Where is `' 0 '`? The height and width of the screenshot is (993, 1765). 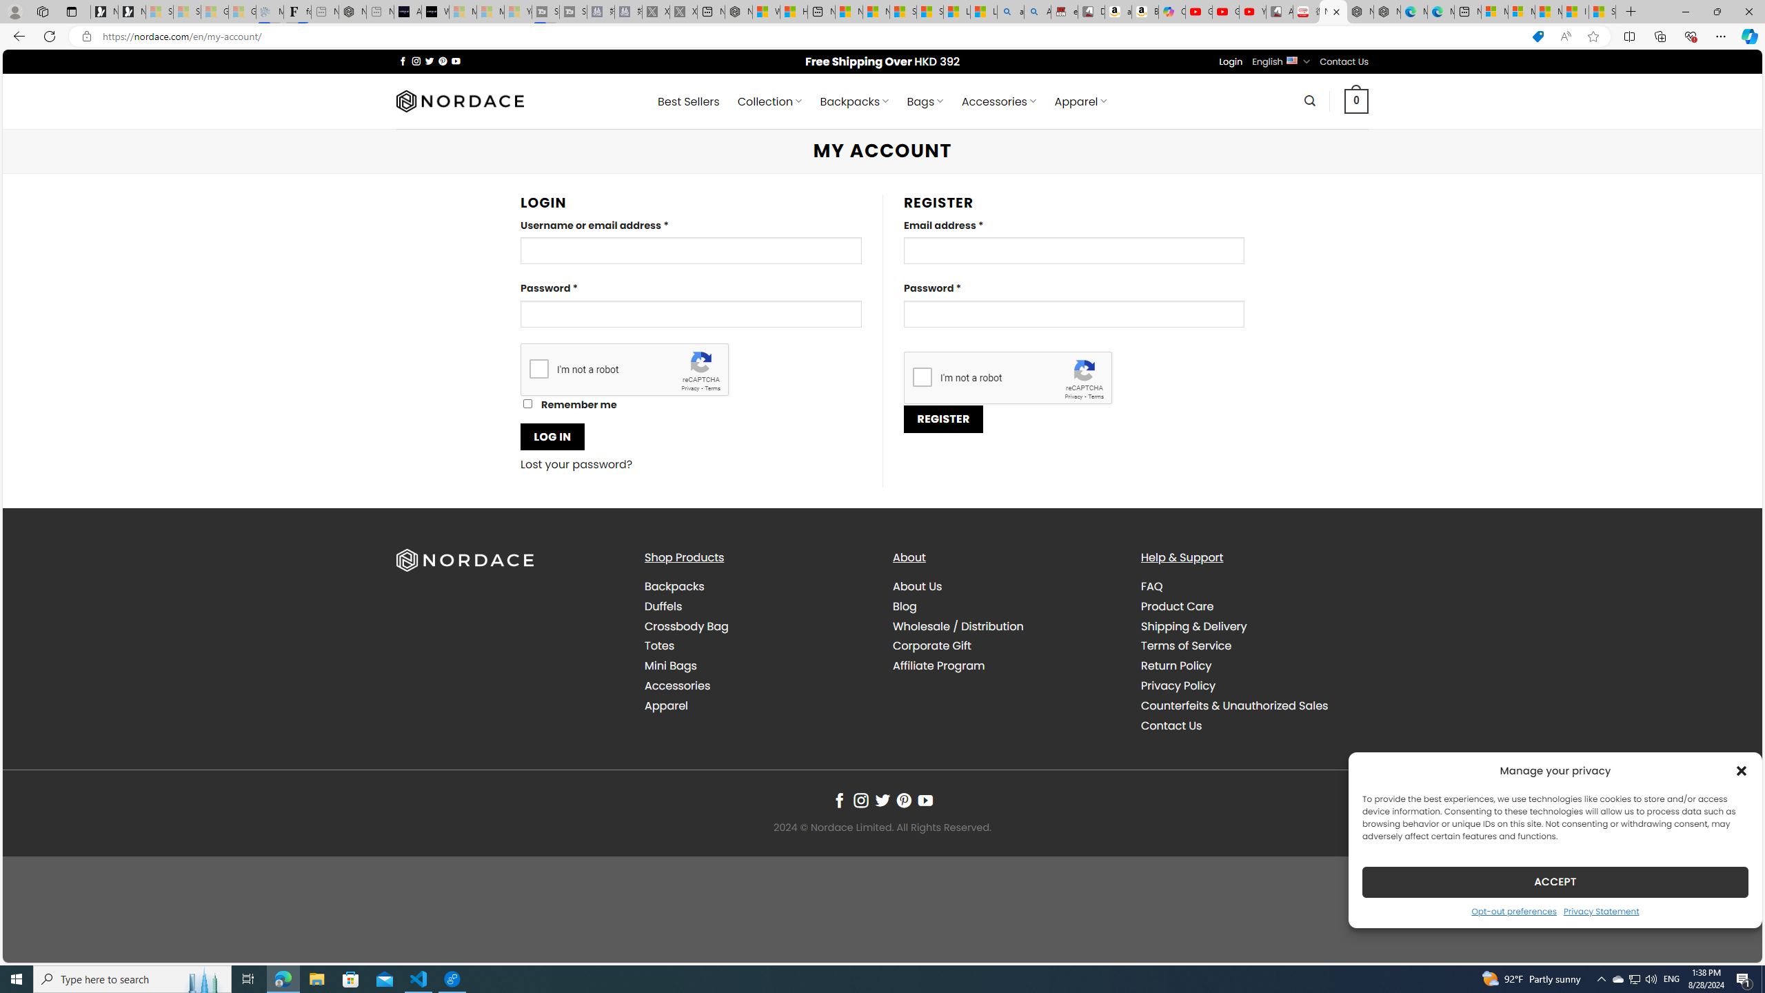
' 0 ' is located at coordinates (1355, 100).